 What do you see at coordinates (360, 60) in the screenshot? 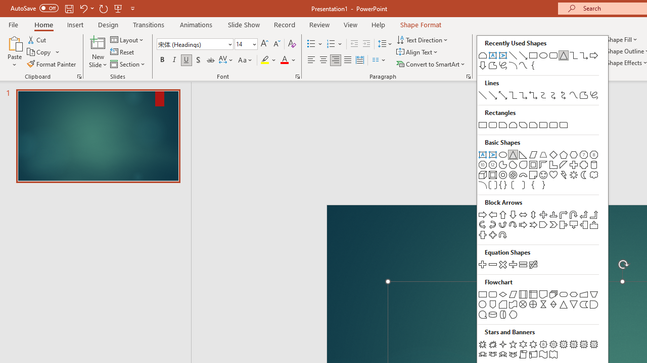
I see `'Distributed'` at bounding box center [360, 60].